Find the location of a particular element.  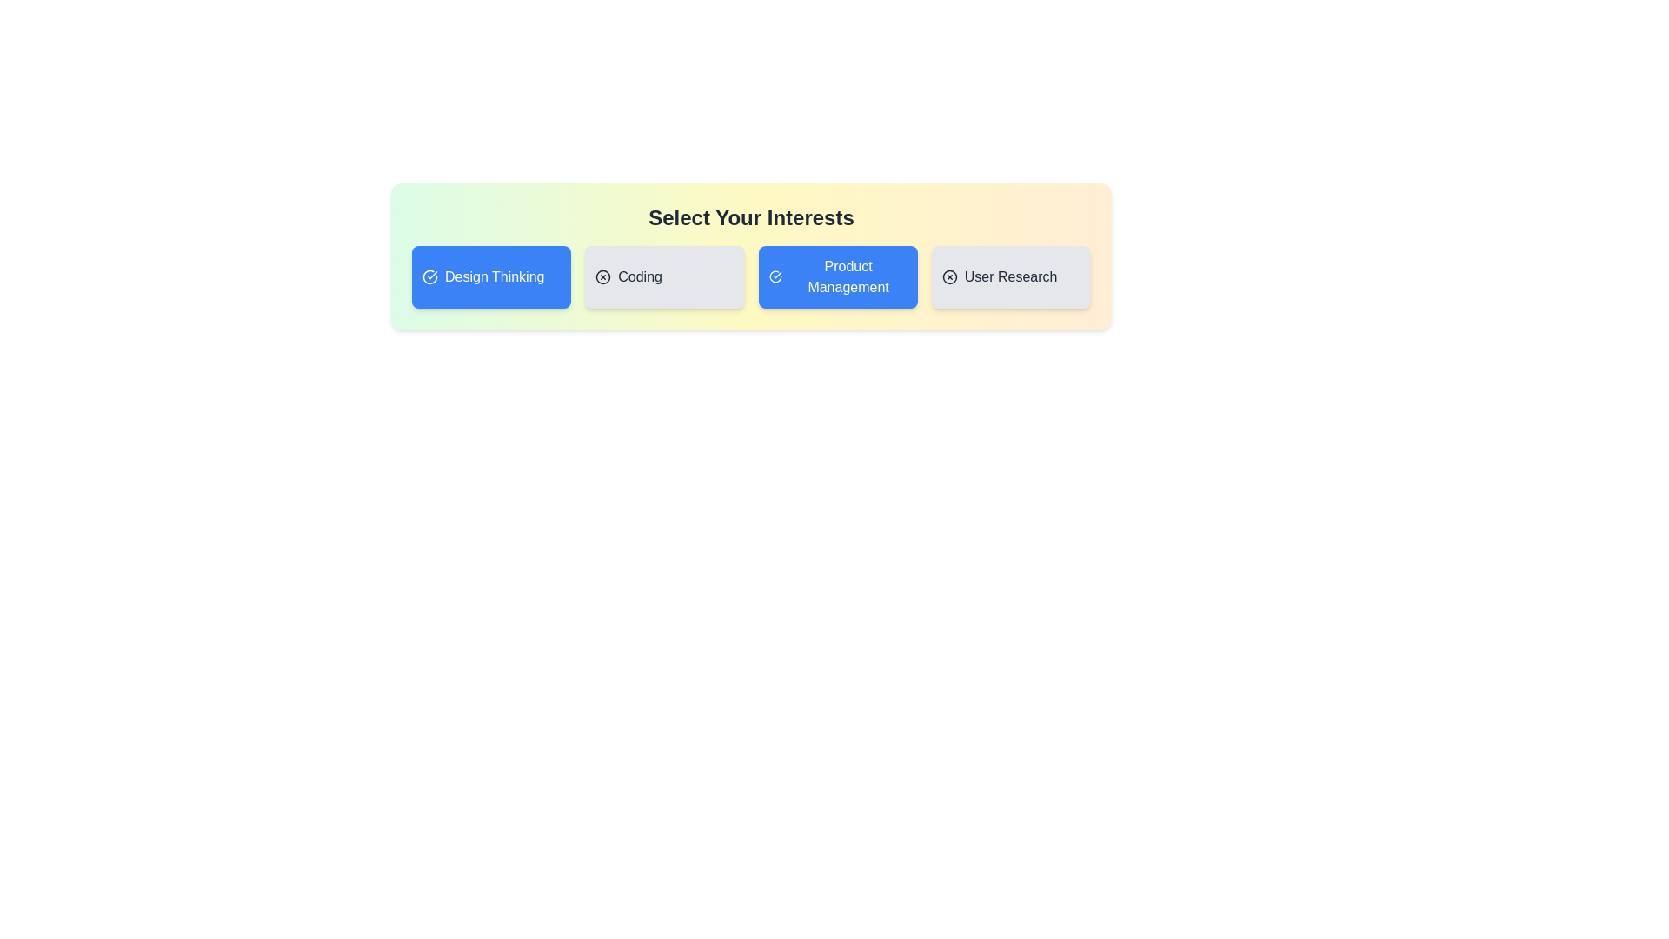

the chip labeled Product Management is located at coordinates (838, 276).